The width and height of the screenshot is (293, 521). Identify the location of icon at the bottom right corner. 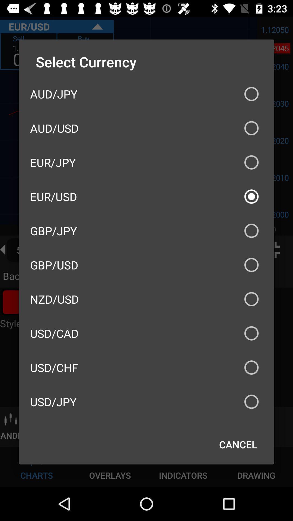
(238, 444).